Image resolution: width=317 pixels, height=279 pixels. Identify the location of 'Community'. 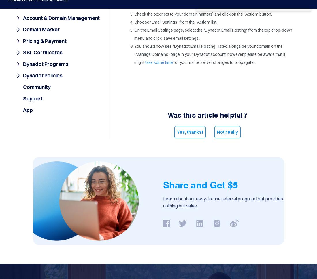
(37, 87).